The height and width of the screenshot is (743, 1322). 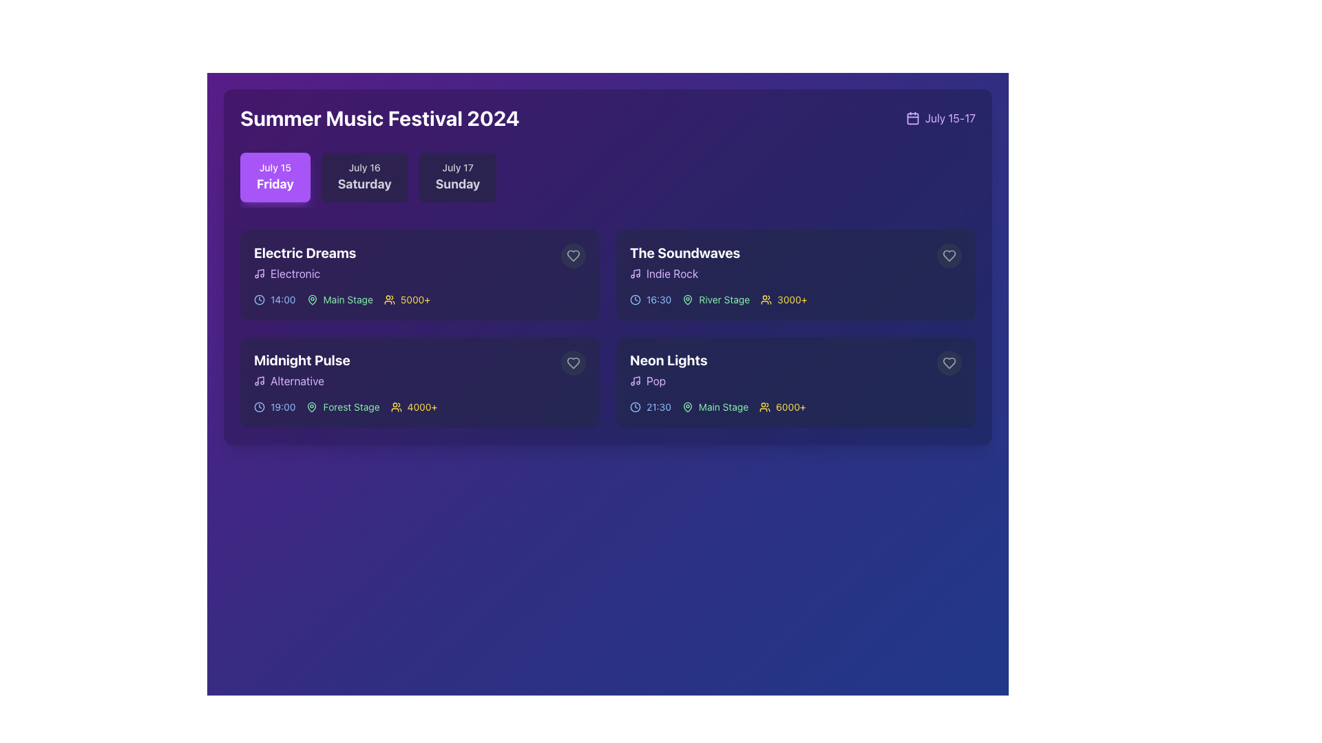 What do you see at coordinates (687, 406) in the screenshot?
I see `the map pin icon adjacent to the 'Main Stage' text in the second row, second column card of the 'Neon Lights' event listing` at bounding box center [687, 406].